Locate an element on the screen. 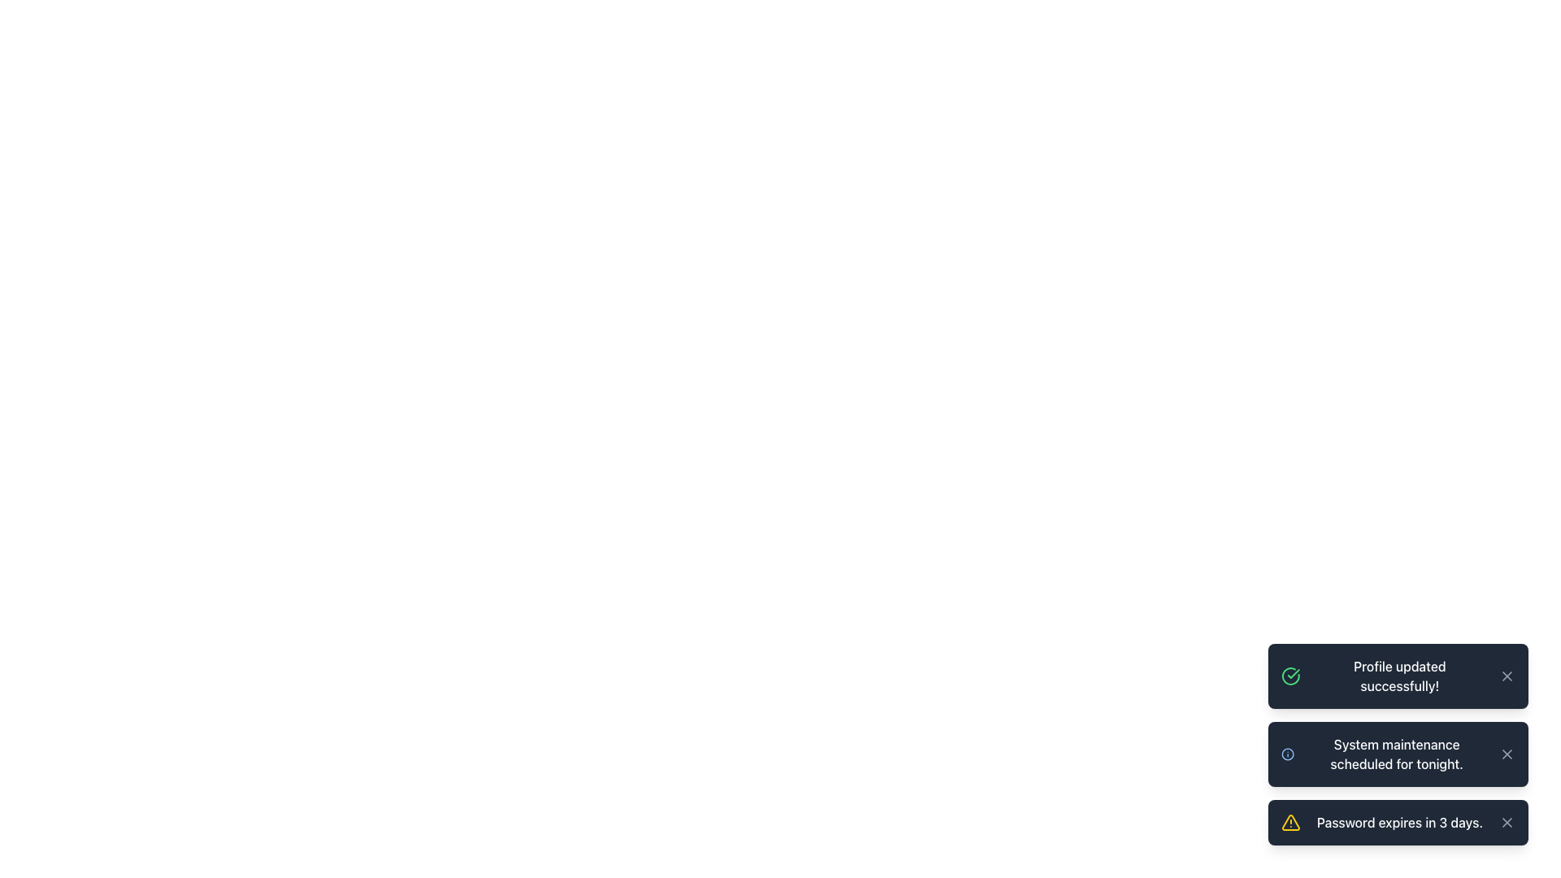 The height and width of the screenshot is (878, 1561). the left-most icon in the notification card that indicates the type or importance of the message 'System maintenance scheduled for tonight.' is located at coordinates (1287, 754).